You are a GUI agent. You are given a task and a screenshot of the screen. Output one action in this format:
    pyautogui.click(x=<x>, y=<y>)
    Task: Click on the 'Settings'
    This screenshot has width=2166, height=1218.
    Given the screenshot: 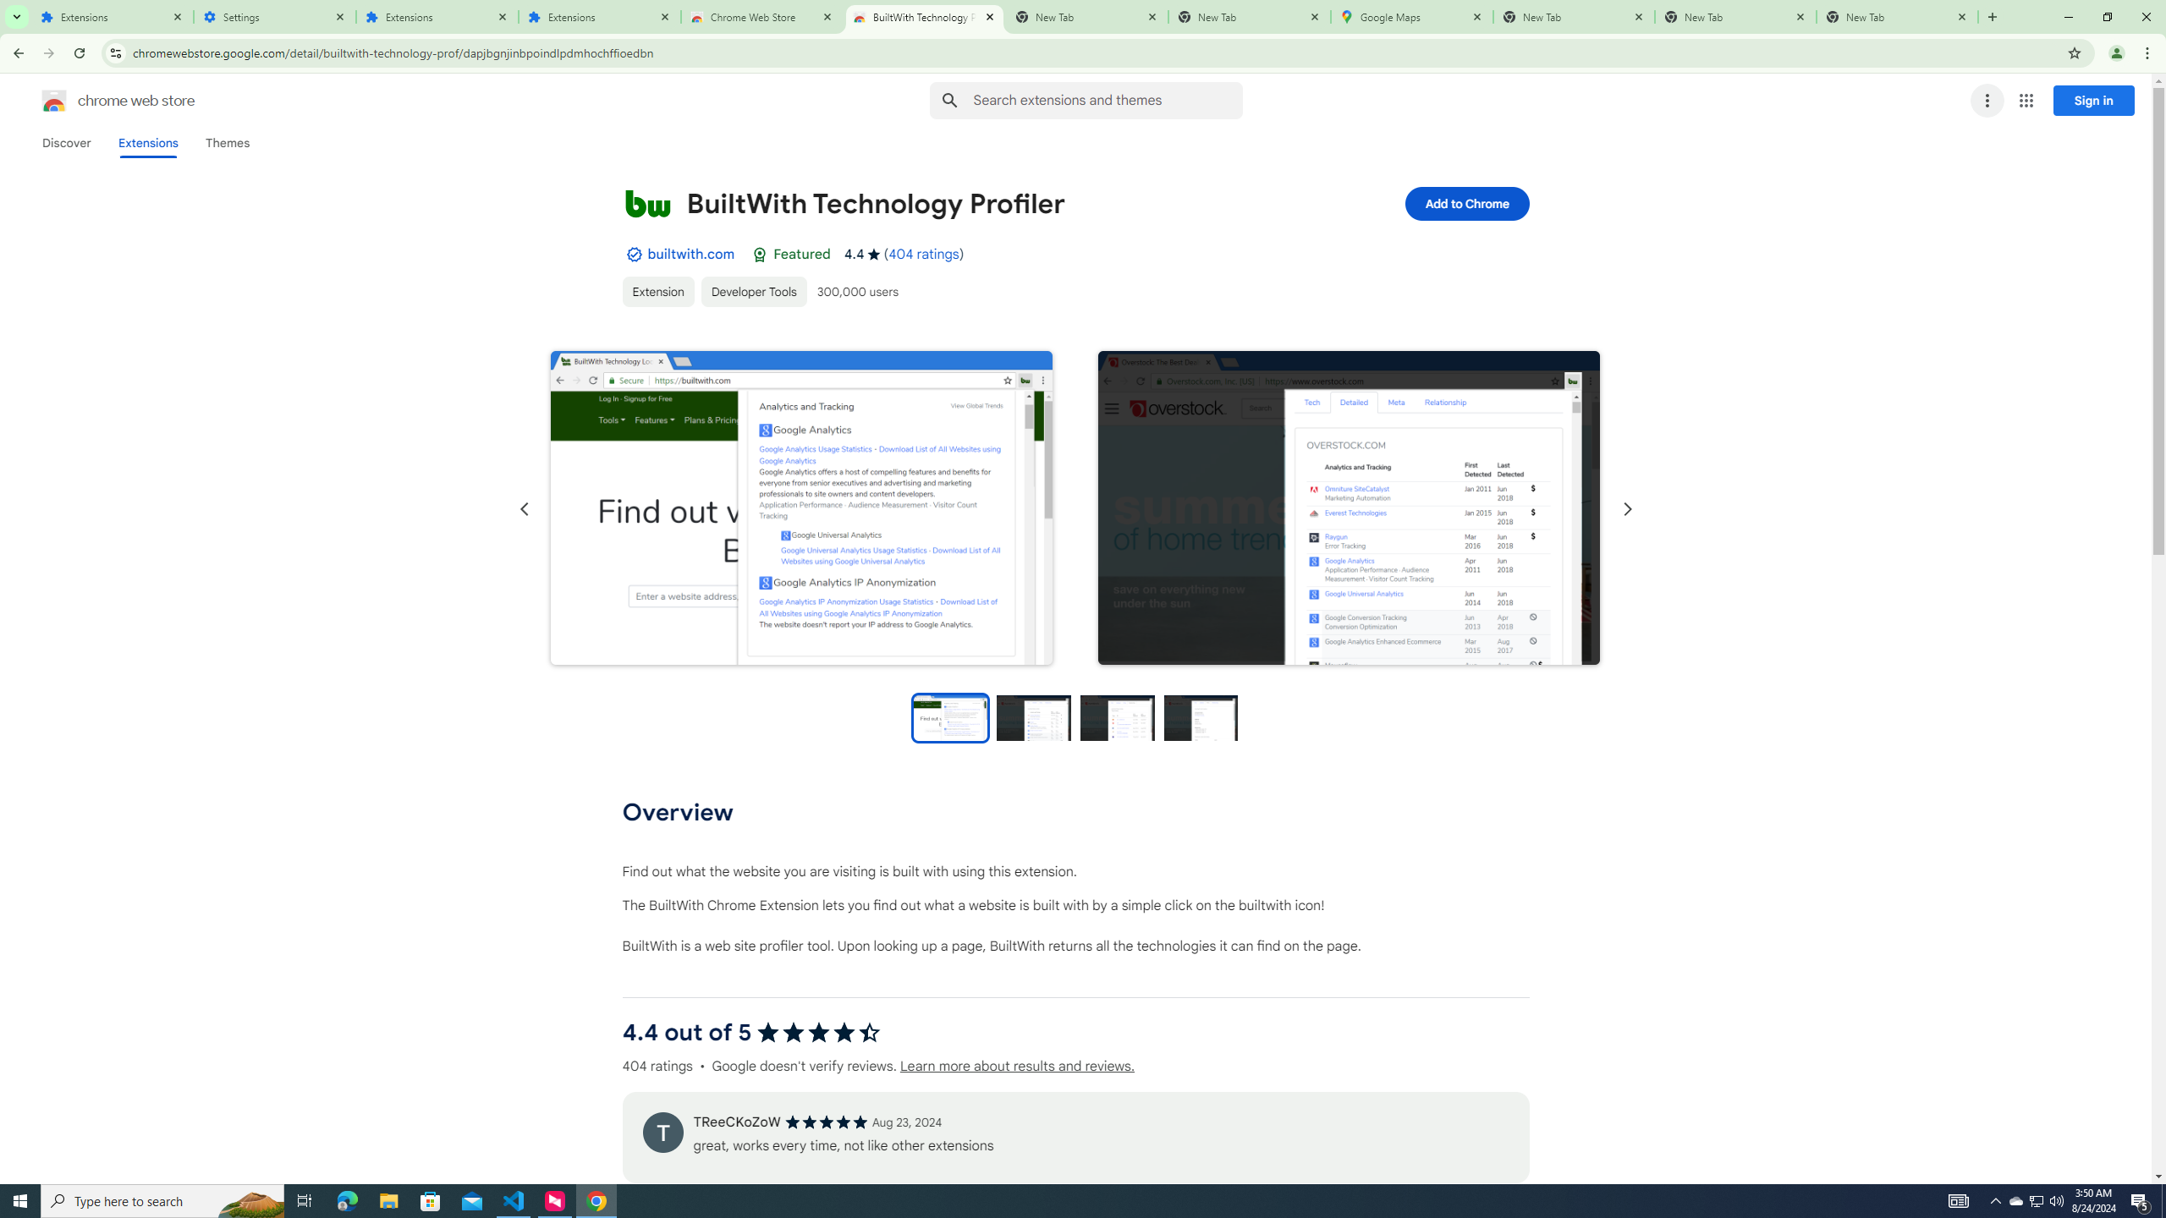 What is the action you would take?
    pyautogui.click(x=275, y=16)
    